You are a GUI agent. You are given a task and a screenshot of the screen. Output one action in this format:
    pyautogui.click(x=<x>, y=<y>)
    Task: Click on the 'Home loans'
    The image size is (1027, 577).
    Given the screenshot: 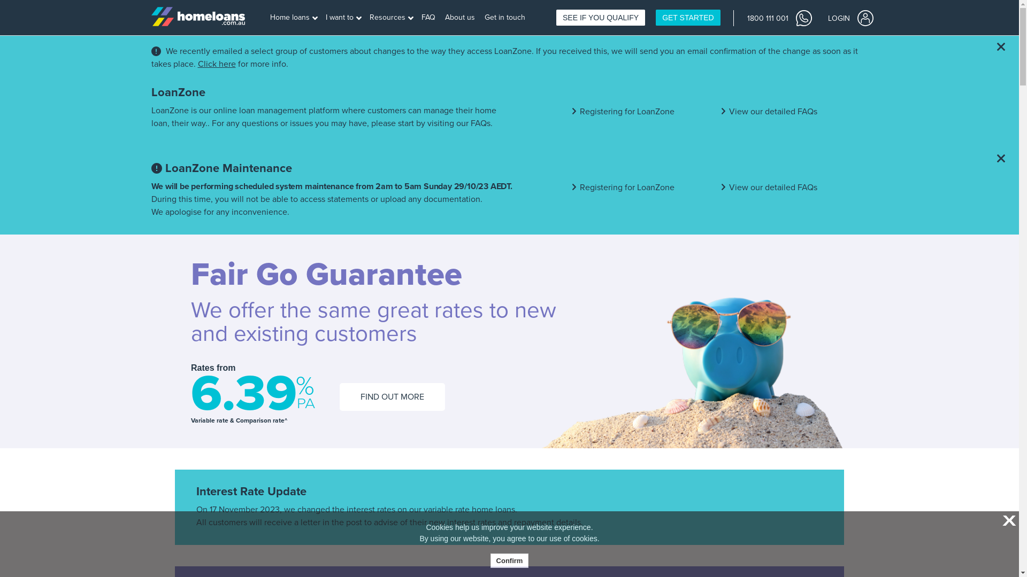 What is the action you would take?
    pyautogui.click(x=294, y=18)
    